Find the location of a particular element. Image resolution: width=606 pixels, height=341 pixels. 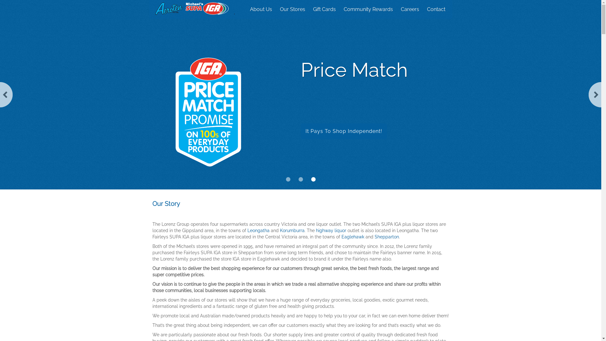

'Community Rewards' is located at coordinates (368, 9).